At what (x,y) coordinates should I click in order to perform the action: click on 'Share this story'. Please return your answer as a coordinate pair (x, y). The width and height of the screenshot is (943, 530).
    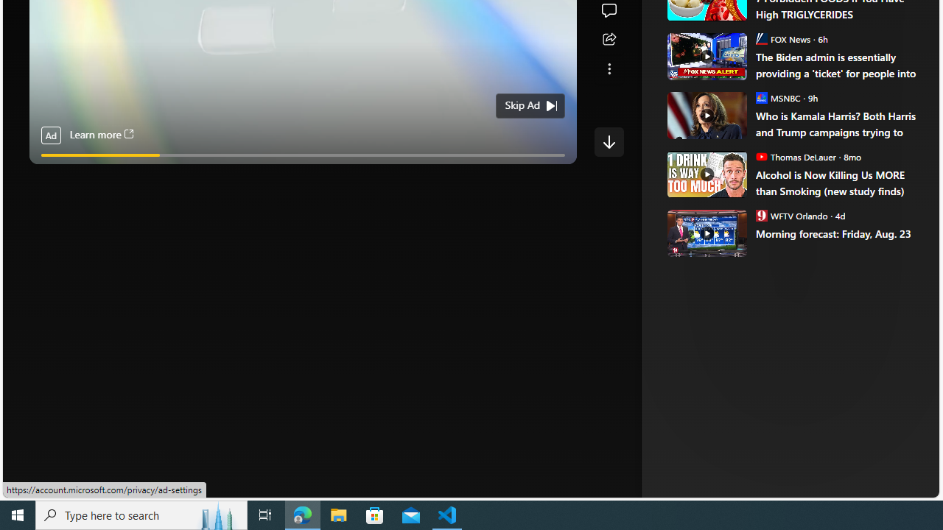
    Looking at the image, I should click on (609, 39).